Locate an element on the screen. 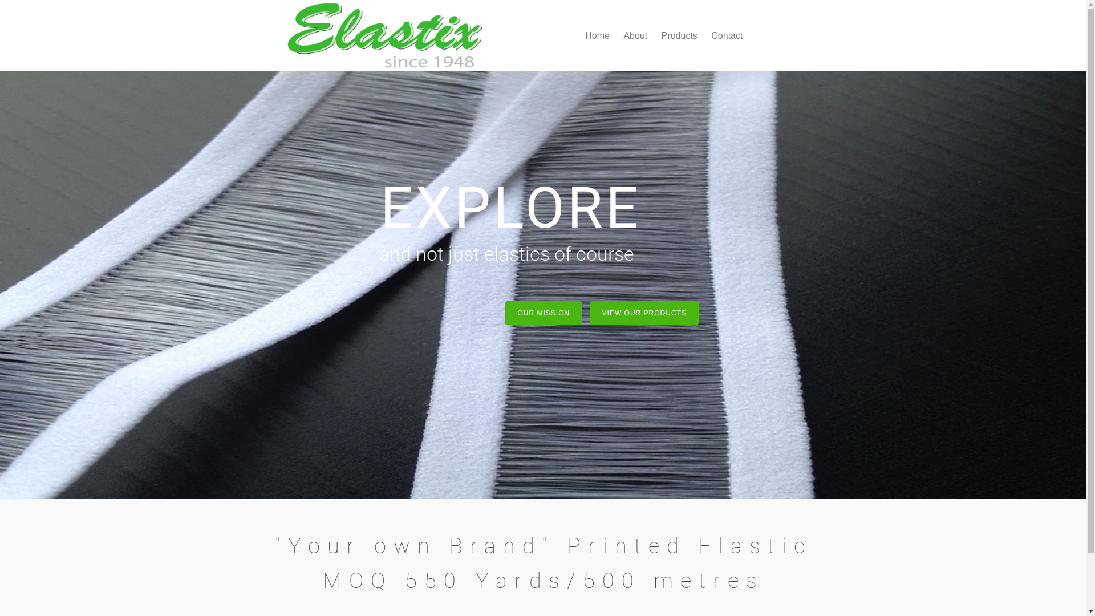 Image resolution: width=1095 pixels, height=616 pixels. 'Contact' is located at coordinates (705, 34).